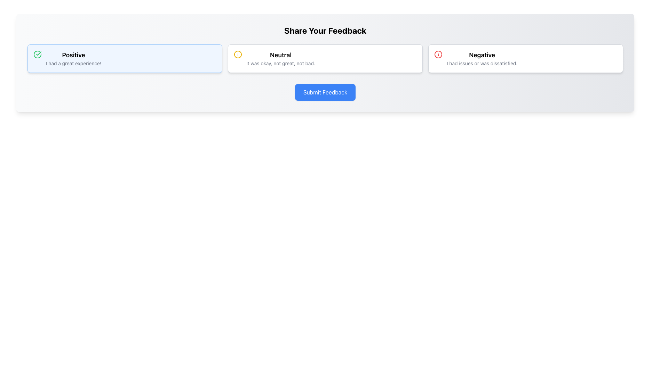 This screenshot has height=375, width=668. I want to click on the 'Neutral' feedback option card, which is the second item in the horizontal grid of feedback options, so click(325, 58).